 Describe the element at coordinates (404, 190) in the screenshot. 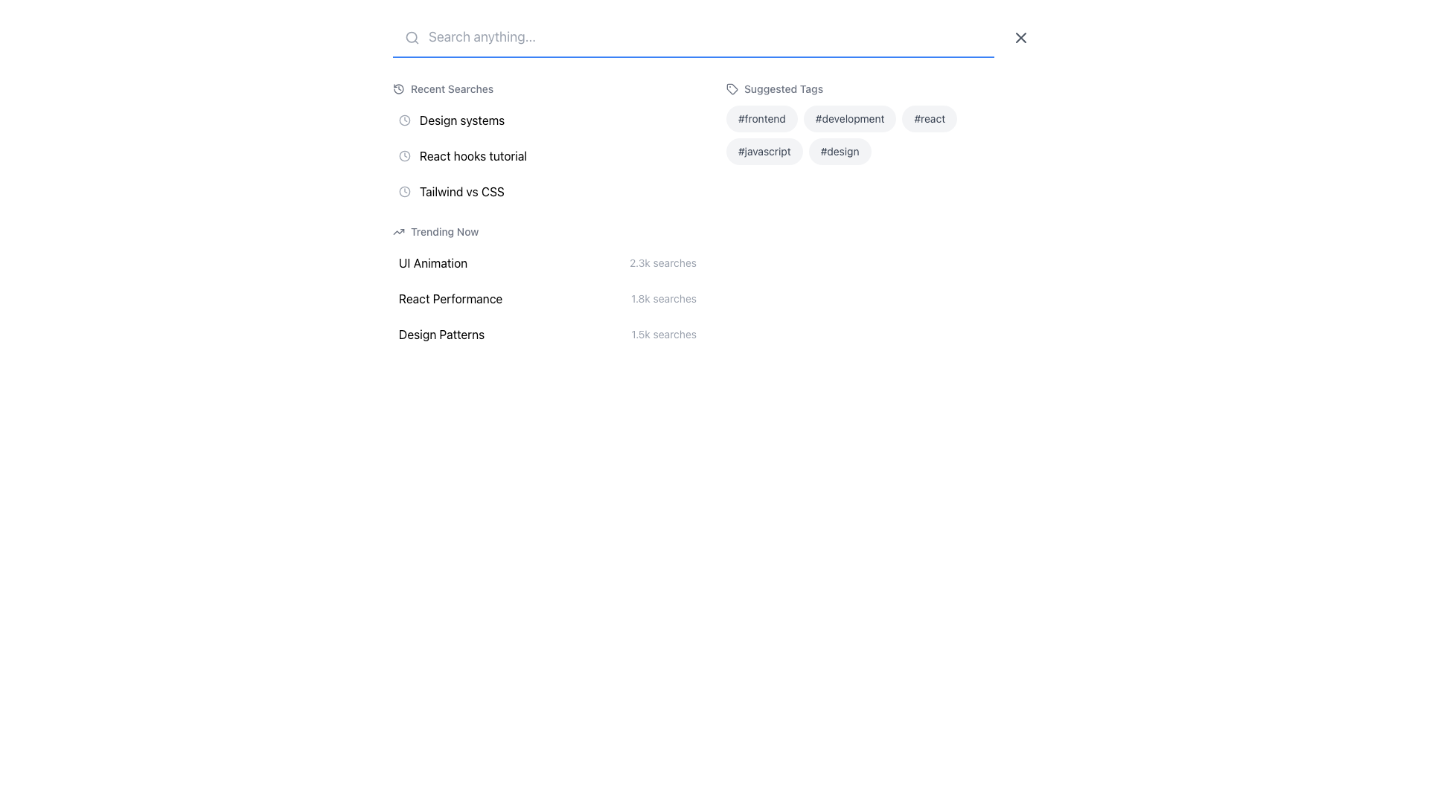

I see `the SVG Circle element that represents the clock icon, which is located next to the 'Recent Searches' text in the vertical list of features` at that location.